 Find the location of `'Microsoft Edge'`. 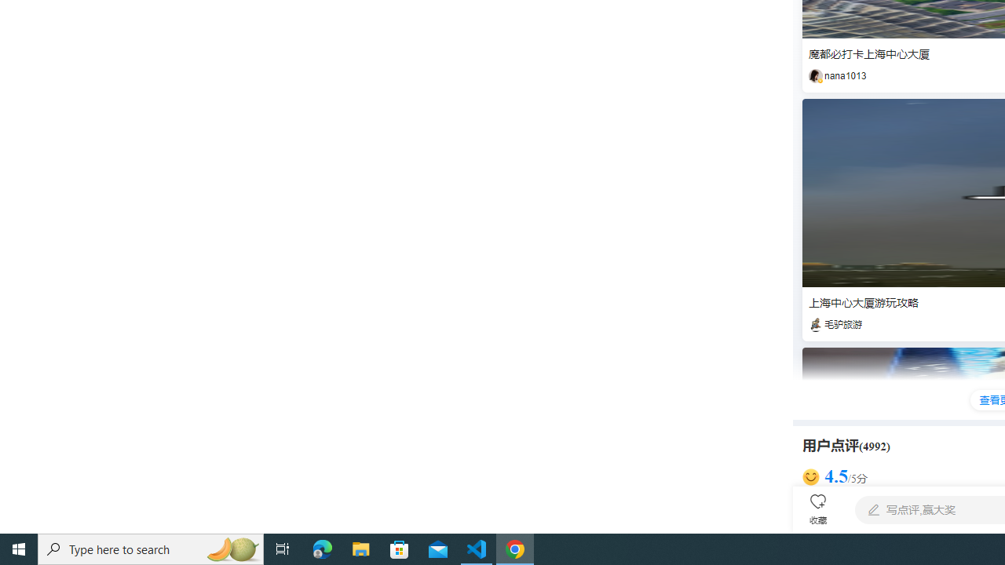

'Microsoft Edge' is located at coordinates (322, 548).